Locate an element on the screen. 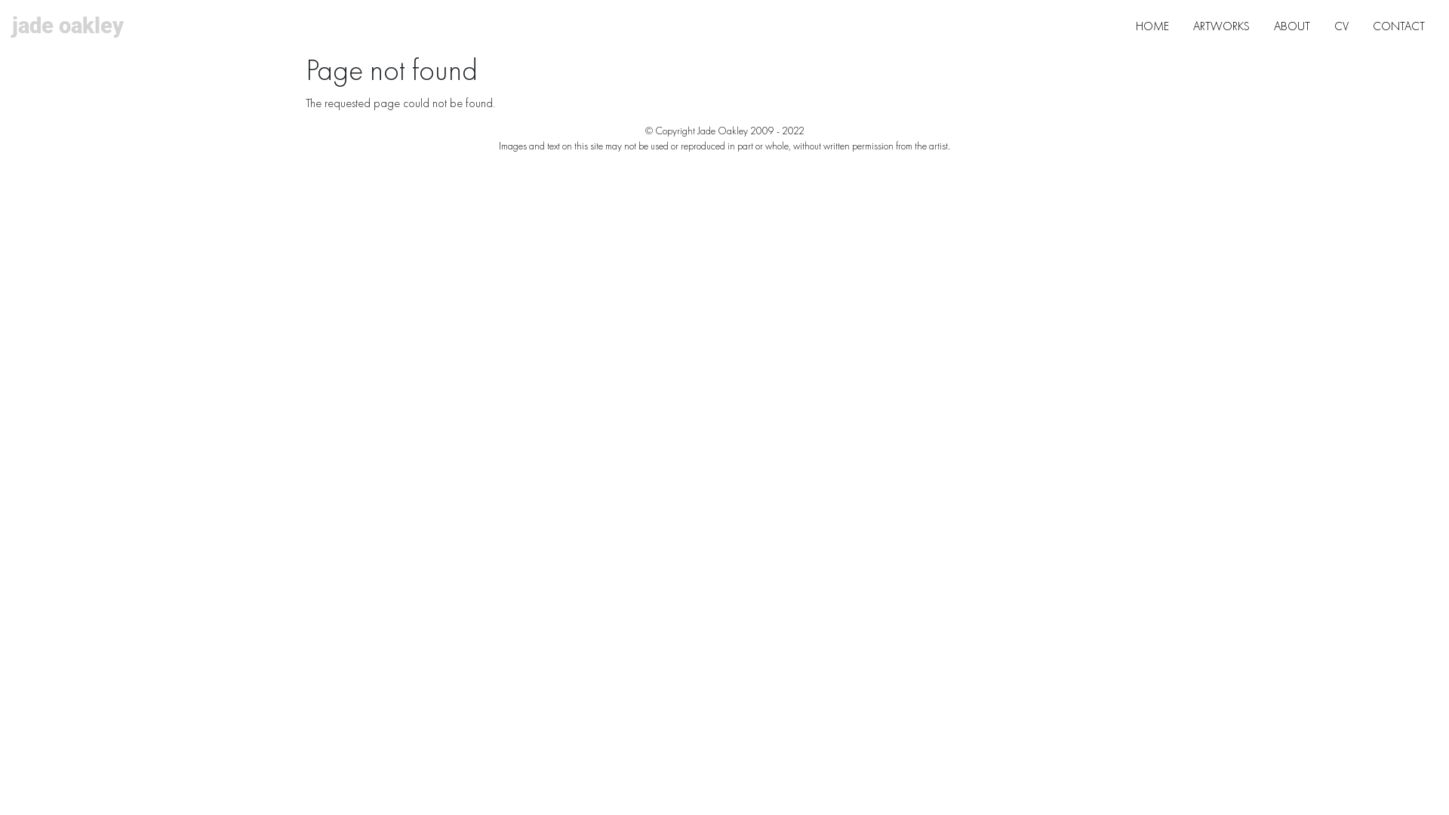 This screenshot has width=1449, height=815. 'CONTACT' is located at coordinates (1398, 26).